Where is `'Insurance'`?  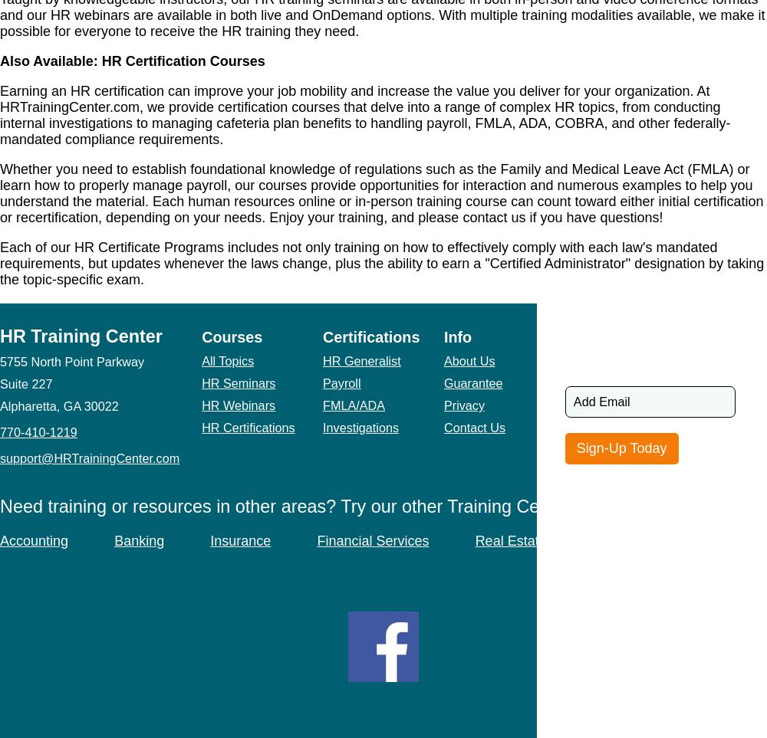
'Insurance' is located at coordinates (239, 540).